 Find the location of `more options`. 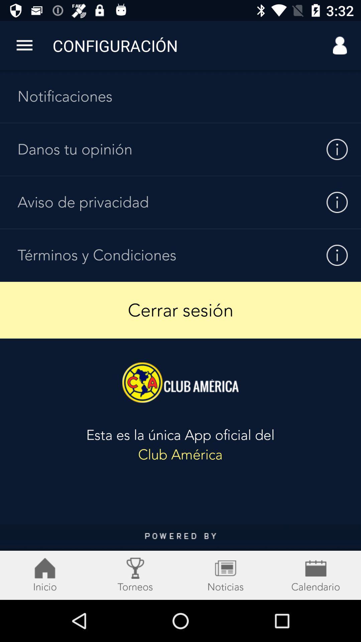

more options is located at coordinates (24, 45).